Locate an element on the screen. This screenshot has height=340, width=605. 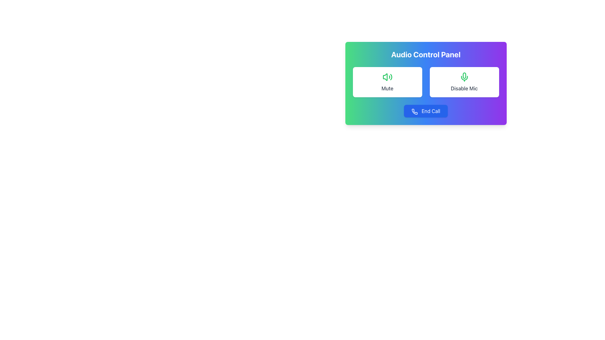
the green audio control SVG icon located in the upper left corner of the 'Mute' button in the 'Audio Control Panel' is located at coordinates (385, 77).